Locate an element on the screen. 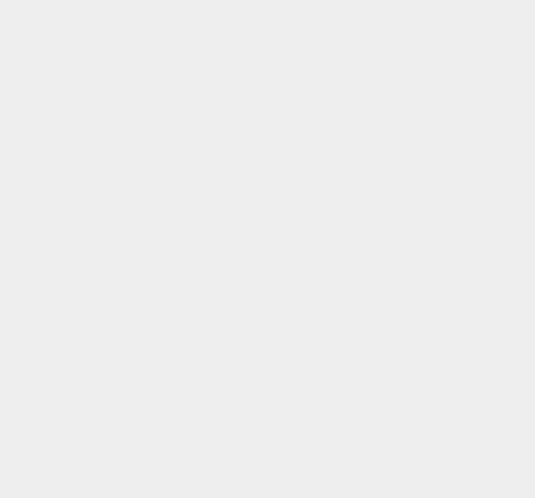 This screenshot has height=498, width=535. 'Lync Desk Phones' is located at coordinates (404, 258).